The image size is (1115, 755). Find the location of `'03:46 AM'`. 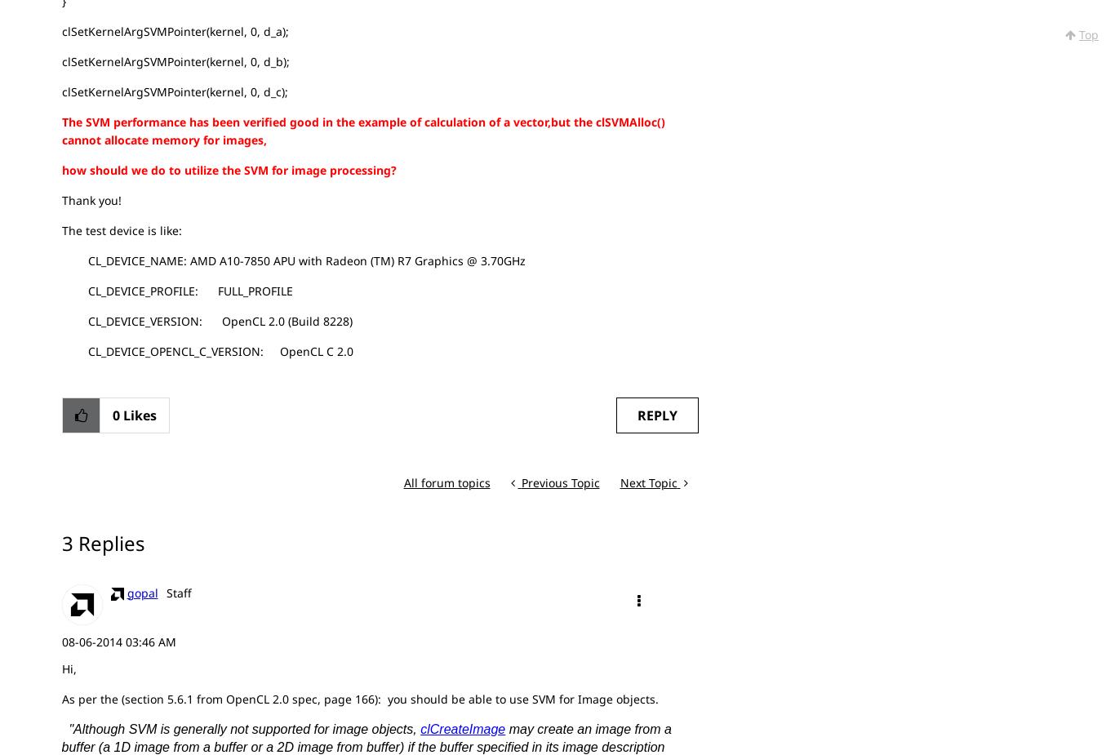

'03:46 AM' is located at coordinates (149, 641).